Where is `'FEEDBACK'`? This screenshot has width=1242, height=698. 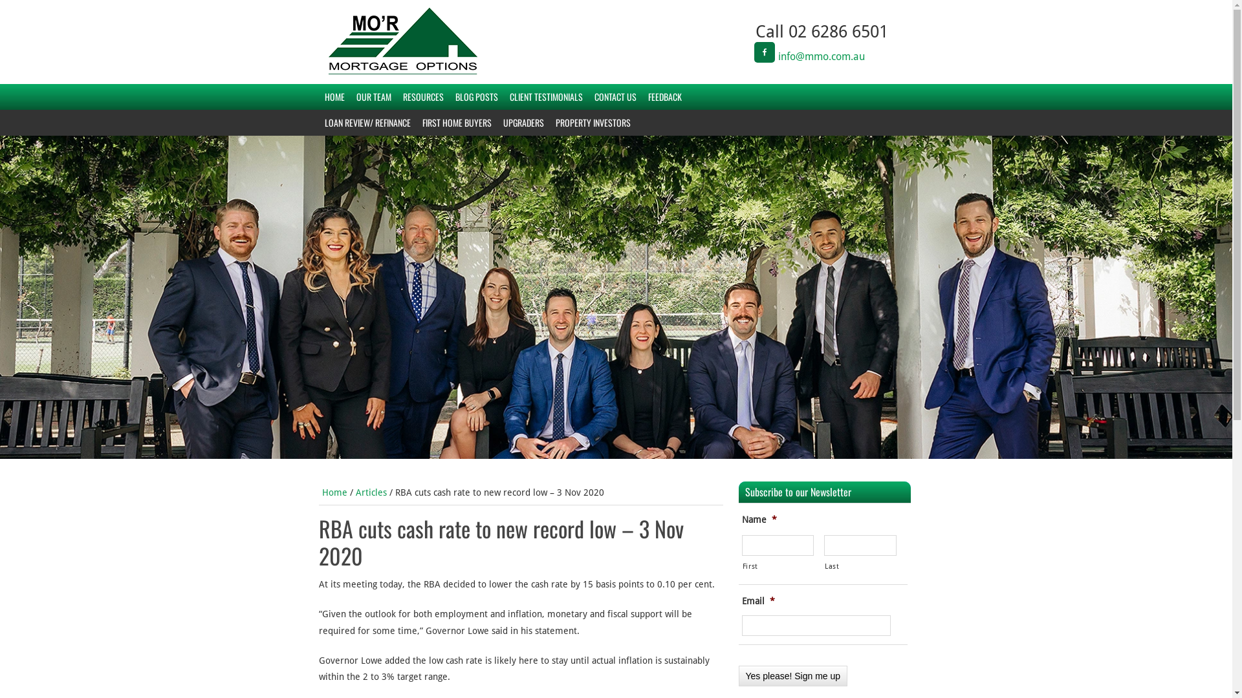 'FEEDBACK' is located at coordinates (642, 96).